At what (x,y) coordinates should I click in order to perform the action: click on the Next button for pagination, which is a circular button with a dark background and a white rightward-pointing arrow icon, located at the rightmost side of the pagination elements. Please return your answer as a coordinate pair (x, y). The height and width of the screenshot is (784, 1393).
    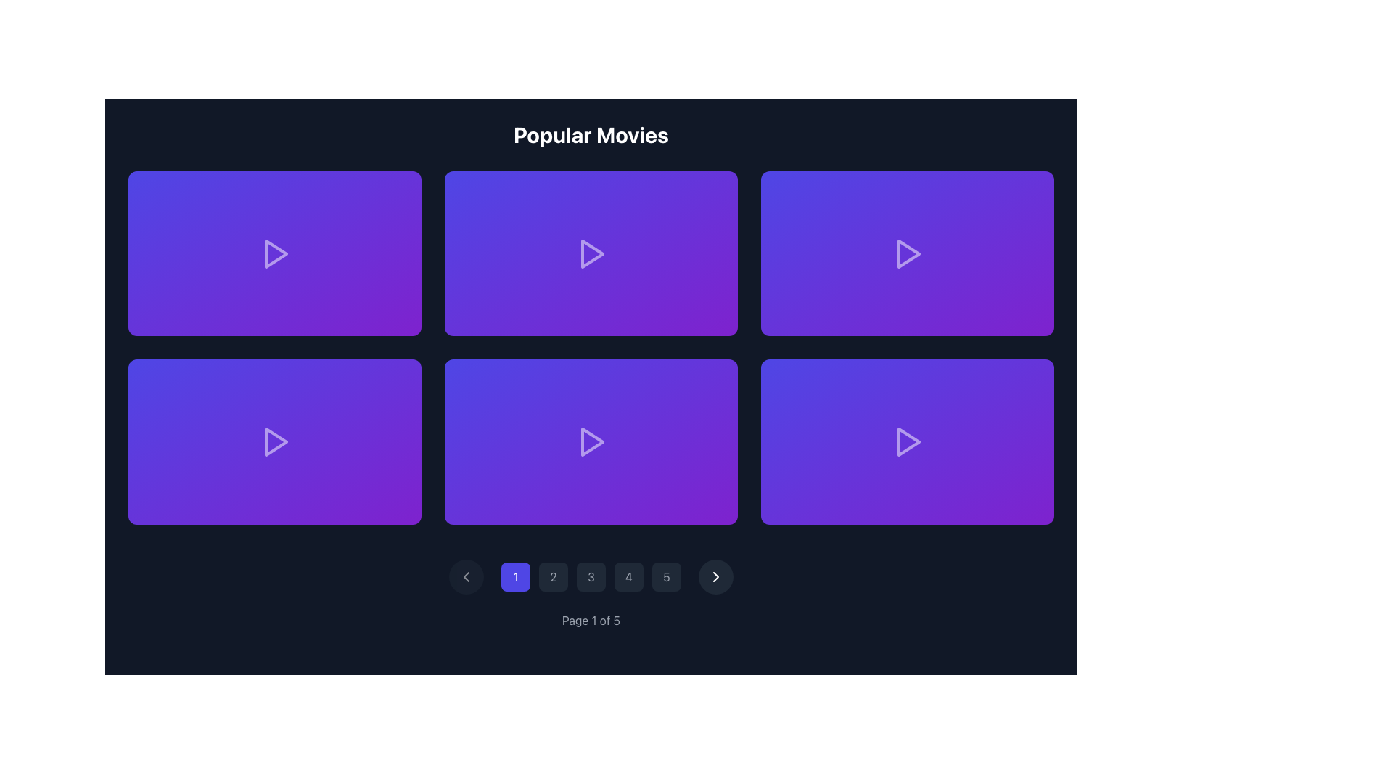
    Looking at the image, I should click on (716, 576).